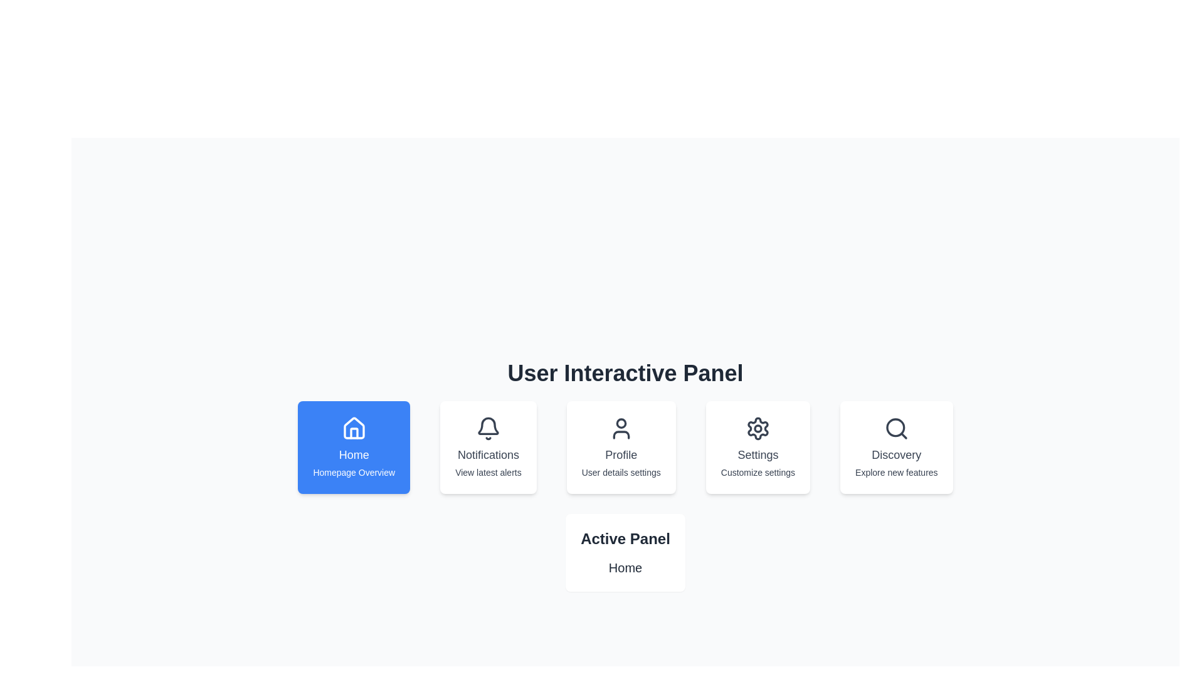 This screenshot has width=1204, height=677. I want to click on the text label displaying 'View latest alerts' located within the 'Notifications' card, so click(487, 472).